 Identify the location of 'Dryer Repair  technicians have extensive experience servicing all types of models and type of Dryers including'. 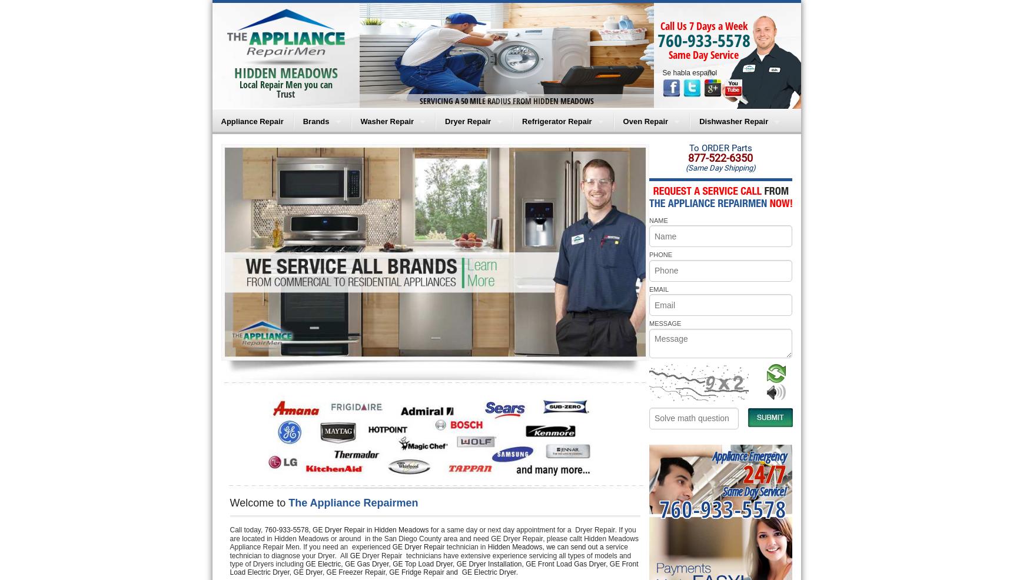
(229, 559).